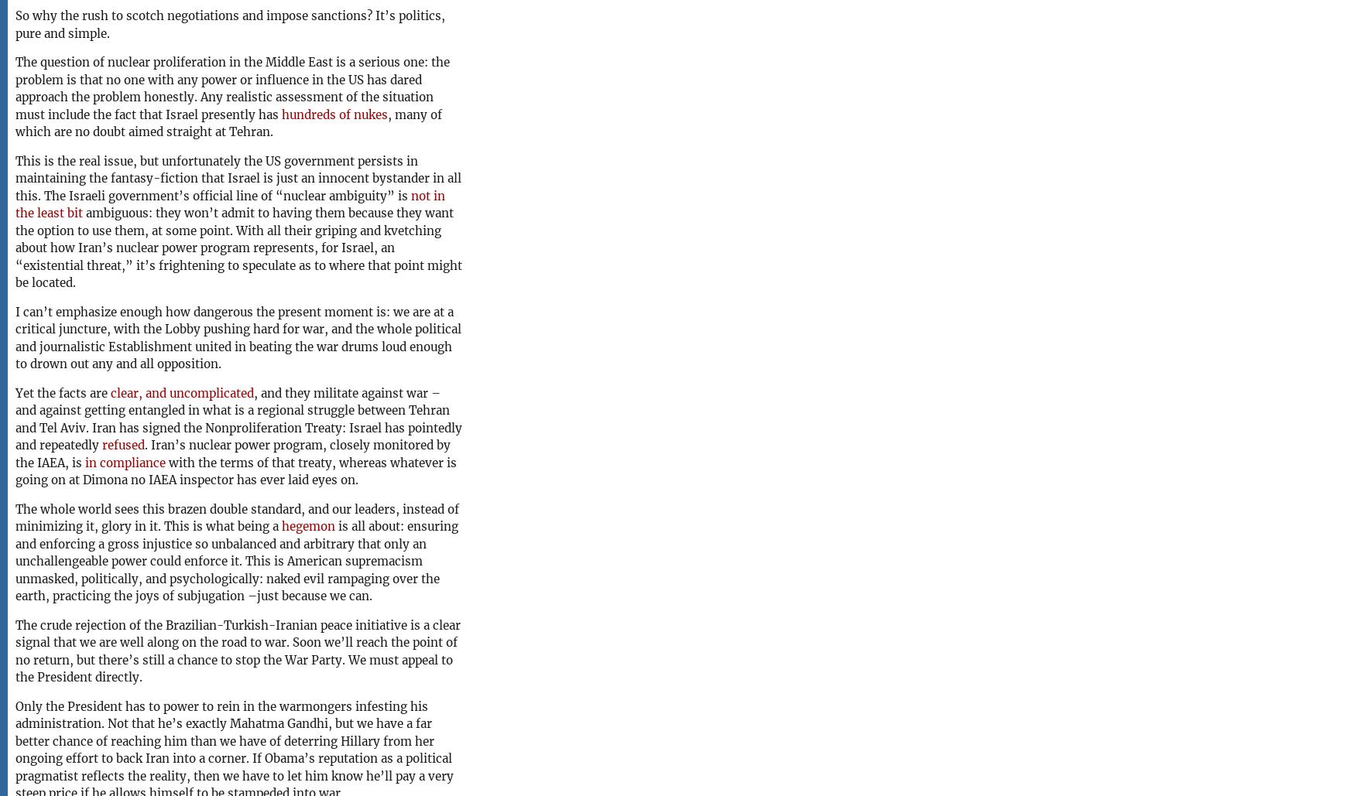 The height and width of the screenshot is (796, 1355). I want to click on 'The question of nuclear
proliferation
in the Middle East is a serious one: the problem is that no one with
any power or influence in the US has dared approach the problem
honestly.
Any realistic assessment of the situation must include the fact that
Israel presently has', so click(232, 87).